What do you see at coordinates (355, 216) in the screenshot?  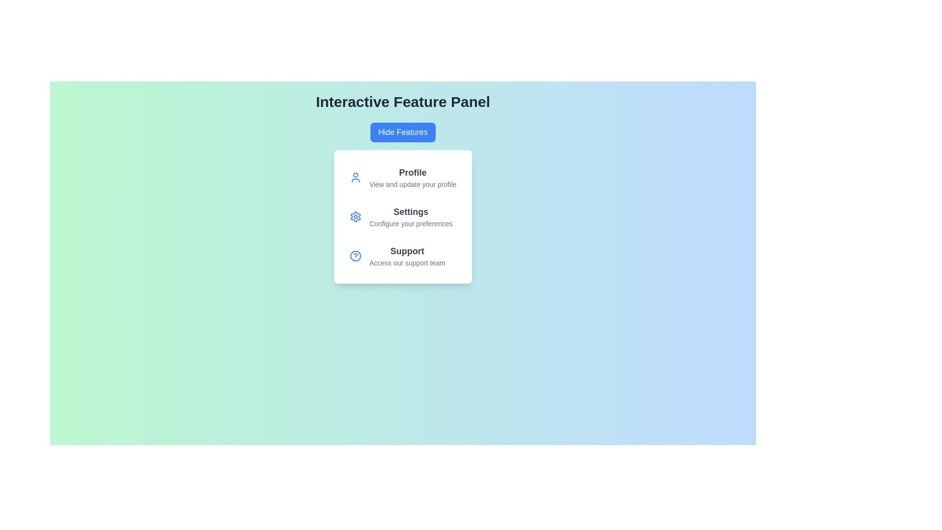 I see `the icon for the Settings feature` at bounding box center [355, 216].